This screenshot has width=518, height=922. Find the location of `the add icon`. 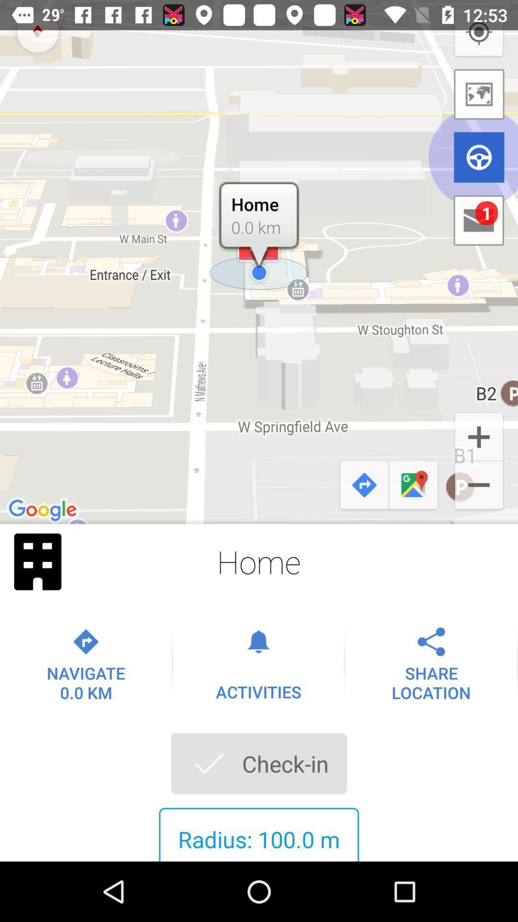

the add icon is located at coordinates (479, 436).